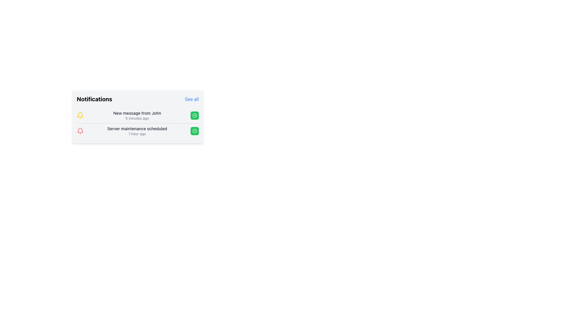 This screenshot has height=316, width=563. What do you see at coordinates (138, 99) in the screenshot?
I see `the 'See all' link in the Notifications panel` at bounding box center [138, 99].